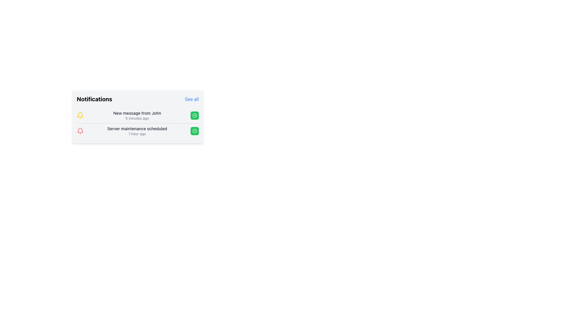 This screenshot has height=316, width=563. What do you see at coordinates (138, 99) in the screenshot?
I see `the 'See all' link in the Notifications panel` at bounding box center [138, 99].